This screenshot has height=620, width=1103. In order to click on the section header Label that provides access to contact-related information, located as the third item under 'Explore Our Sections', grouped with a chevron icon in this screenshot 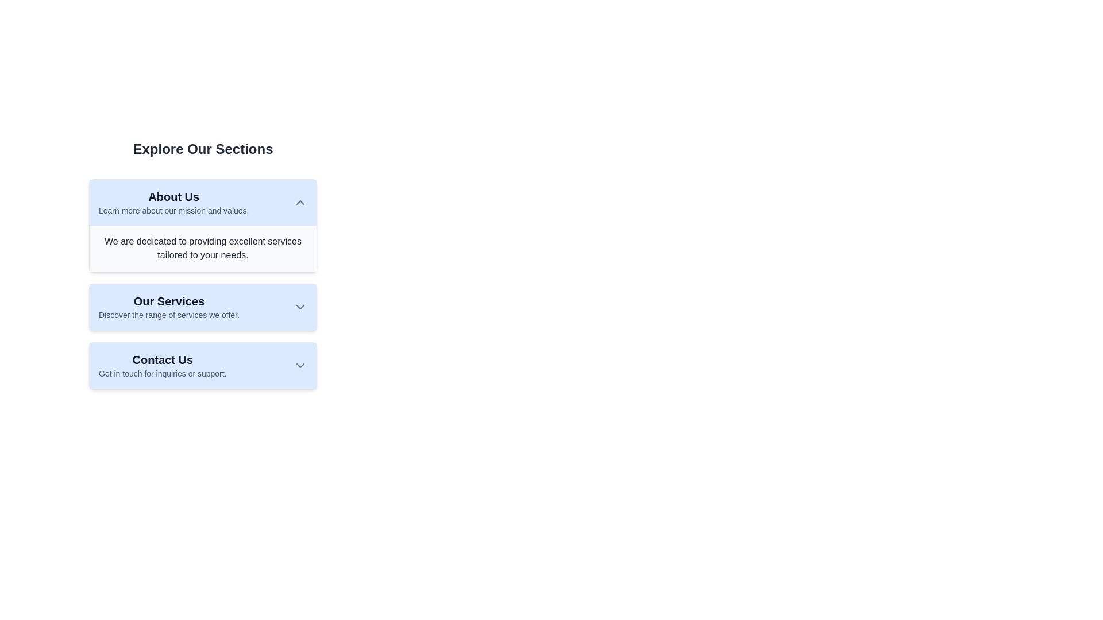, I will do `click(162, 365)`.